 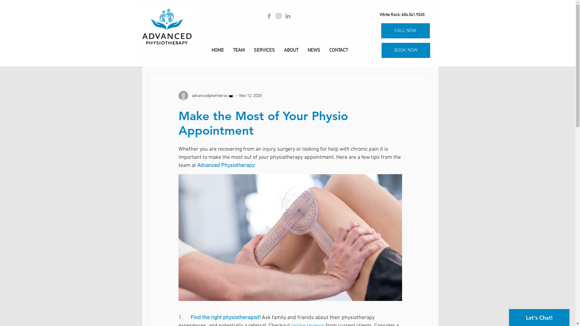 What do you see at coordinates (217, 50) in the screenshot?
I see `'HOME'` at bounding box center [217, 50].